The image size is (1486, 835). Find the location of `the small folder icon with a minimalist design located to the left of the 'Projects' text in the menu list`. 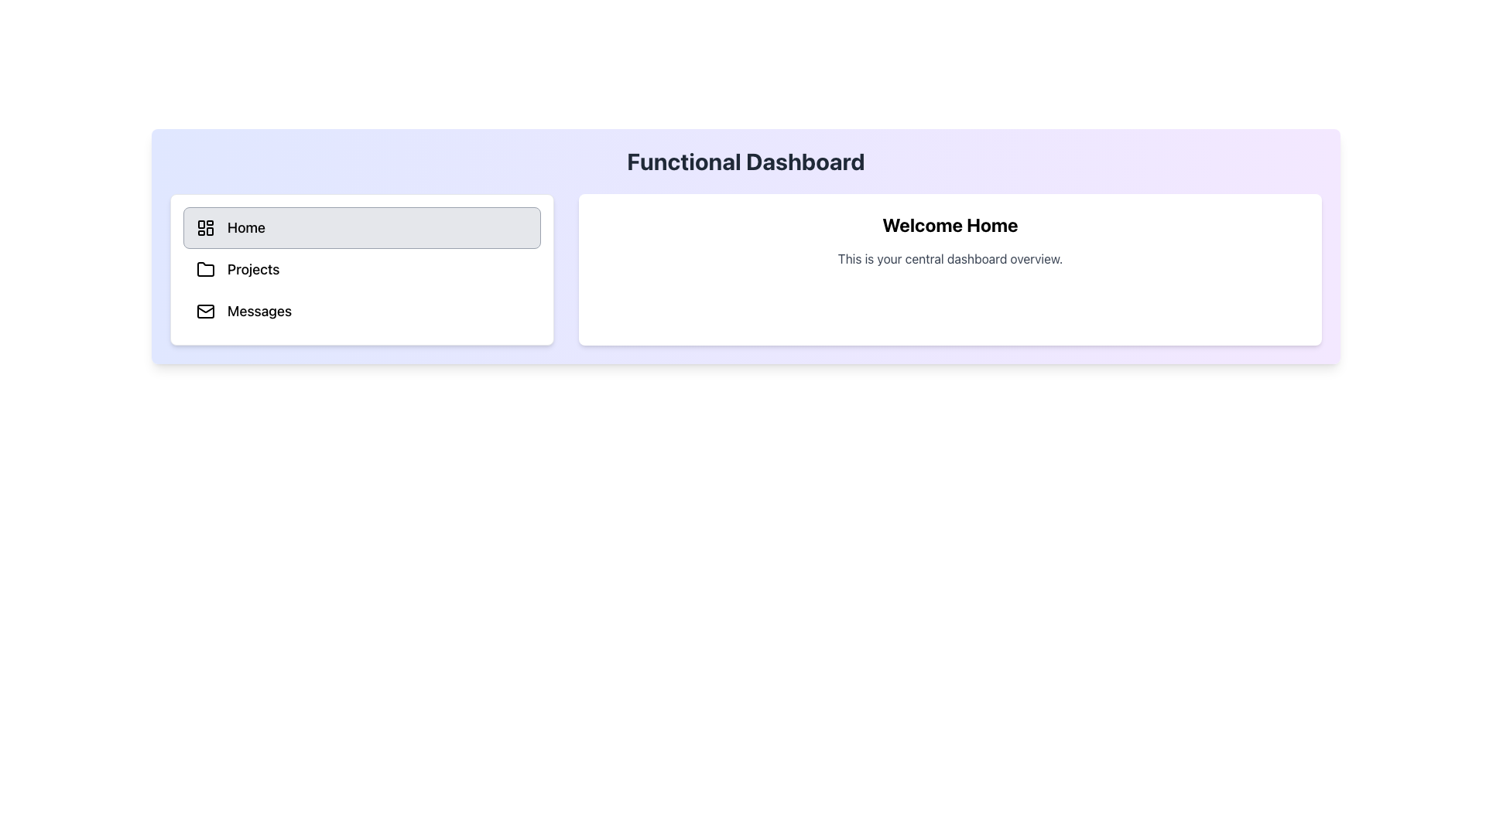

the small folder icon with a minimalist design located to the left of the 'Projects' text in the menu list is located at coordinates (204, 268).